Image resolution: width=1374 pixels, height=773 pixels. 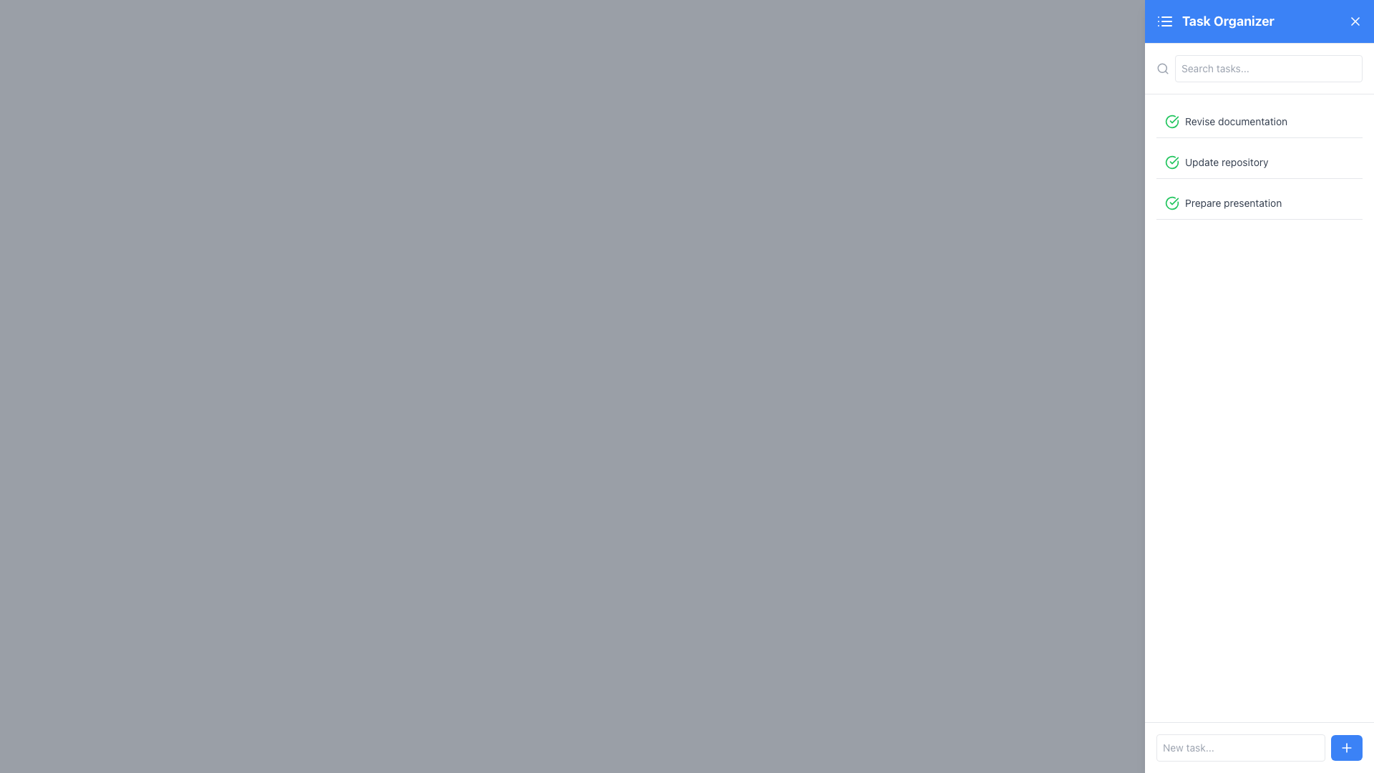 I want to click on the 'Task Organizer' text element, which is styled in bold and large text on a blue background and located at the top-right section of the sidebar, so click(x=1227, y=21).